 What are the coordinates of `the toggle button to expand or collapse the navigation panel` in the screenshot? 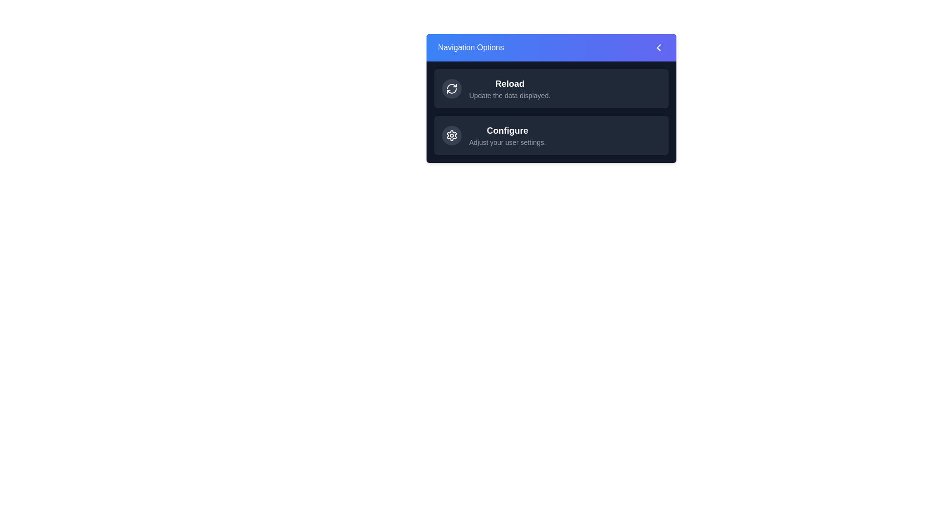 It's located at (551, 47).